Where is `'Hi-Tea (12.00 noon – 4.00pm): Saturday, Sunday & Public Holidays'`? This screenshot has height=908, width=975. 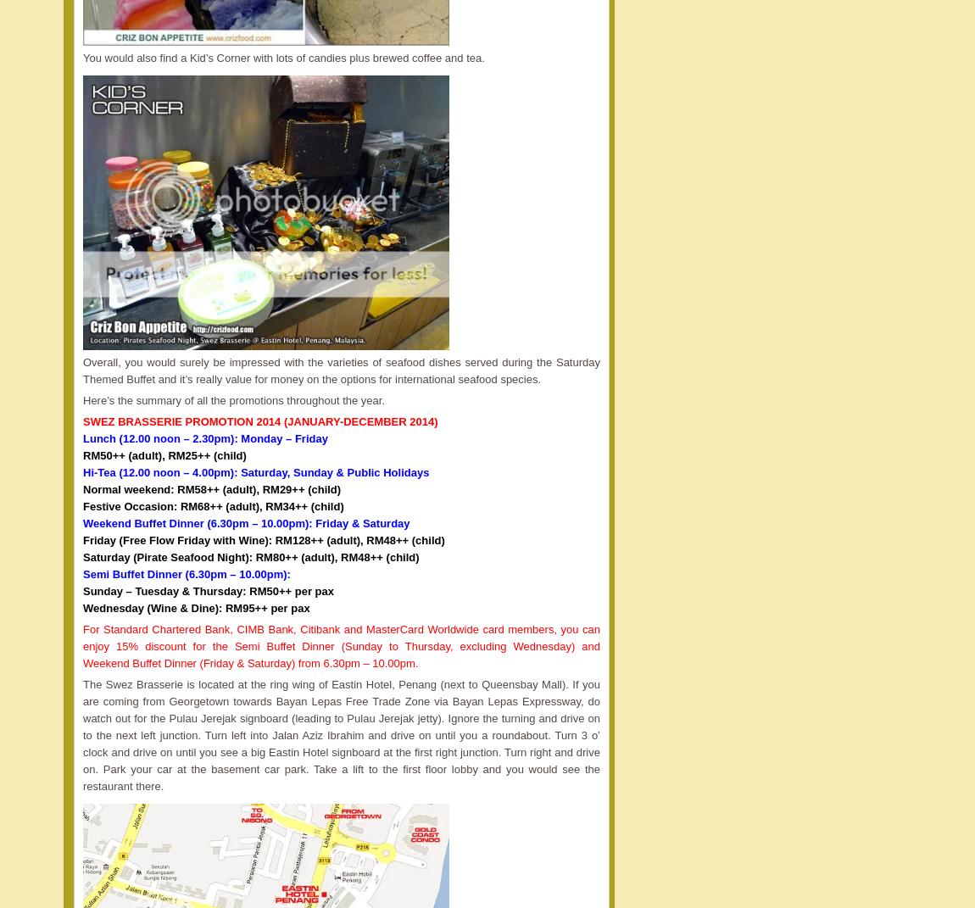
'Hi-Tea (12.00 noon – 4.00pm): Saturday, Sunday & Public Holidays' is located at coordinates (255, 472).